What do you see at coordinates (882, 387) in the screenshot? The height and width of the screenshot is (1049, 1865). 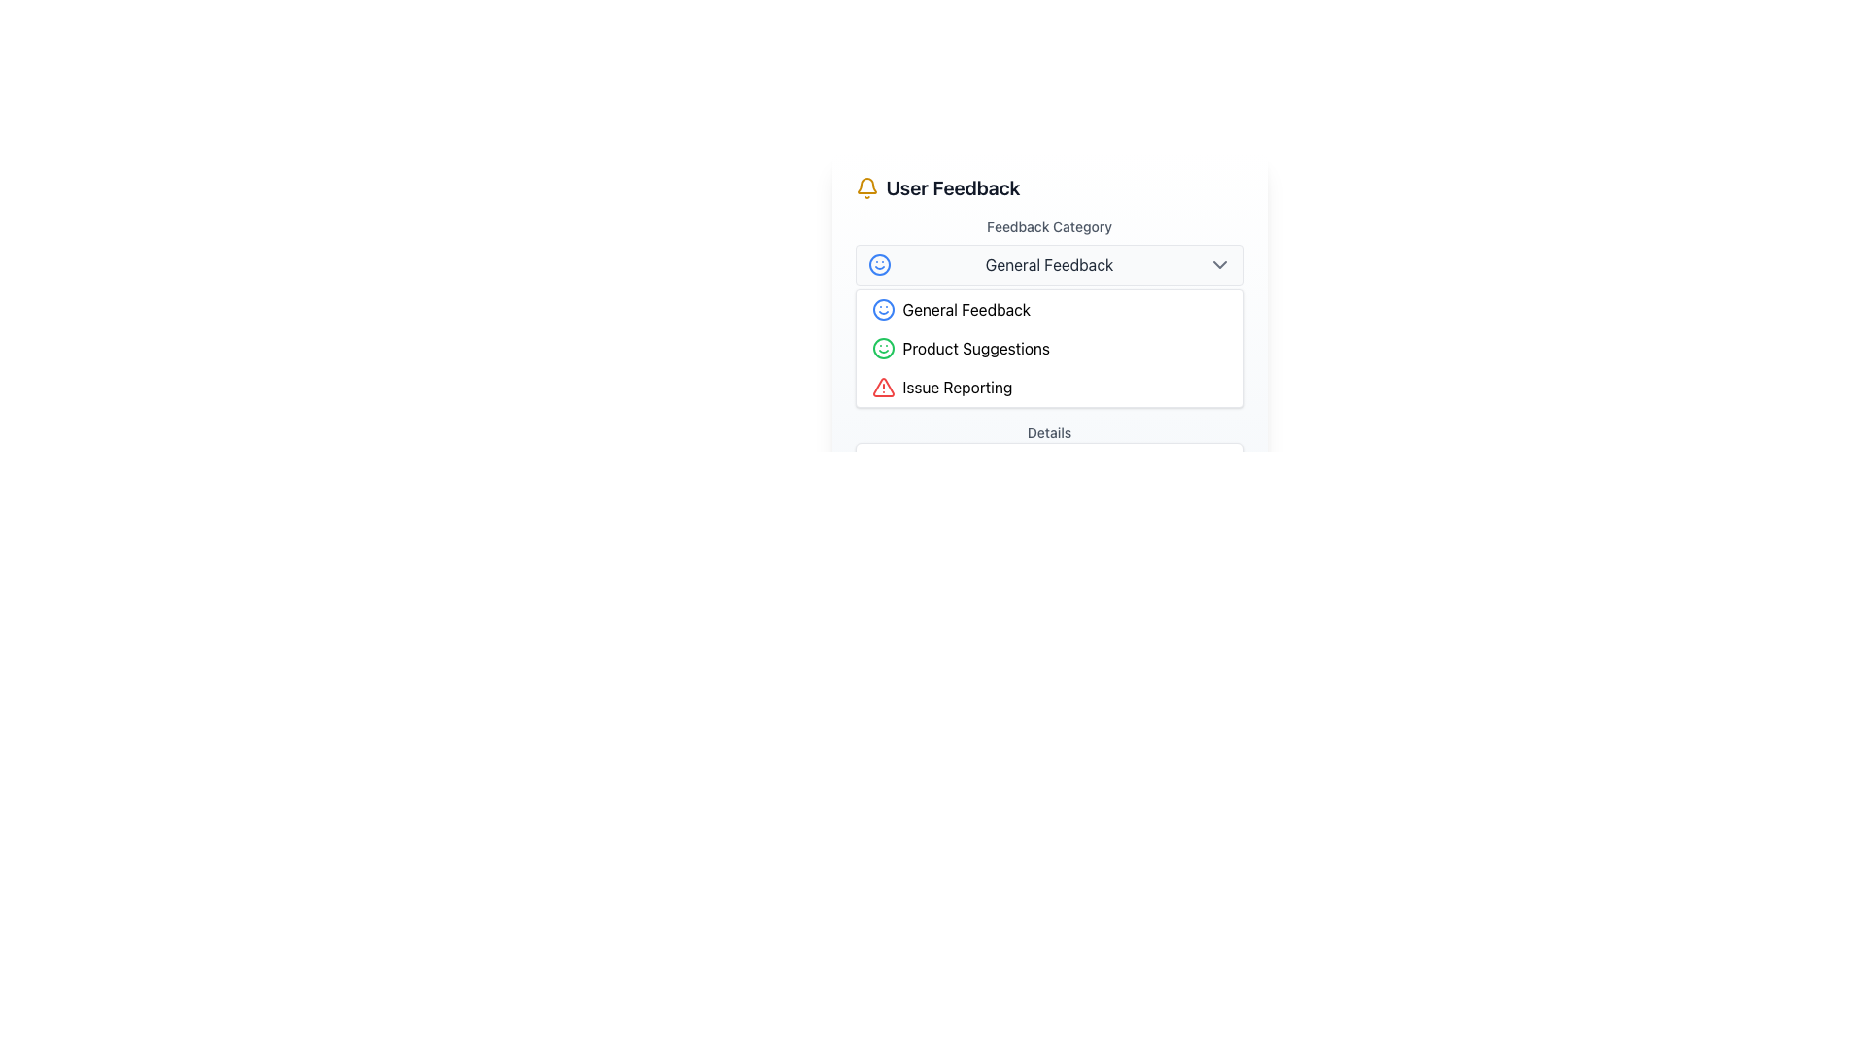 I see `the warning alert icon located near the top-left corner of the 'User Feedback' section to understand the important information or error it signifies` at bounding box center [882, 387].